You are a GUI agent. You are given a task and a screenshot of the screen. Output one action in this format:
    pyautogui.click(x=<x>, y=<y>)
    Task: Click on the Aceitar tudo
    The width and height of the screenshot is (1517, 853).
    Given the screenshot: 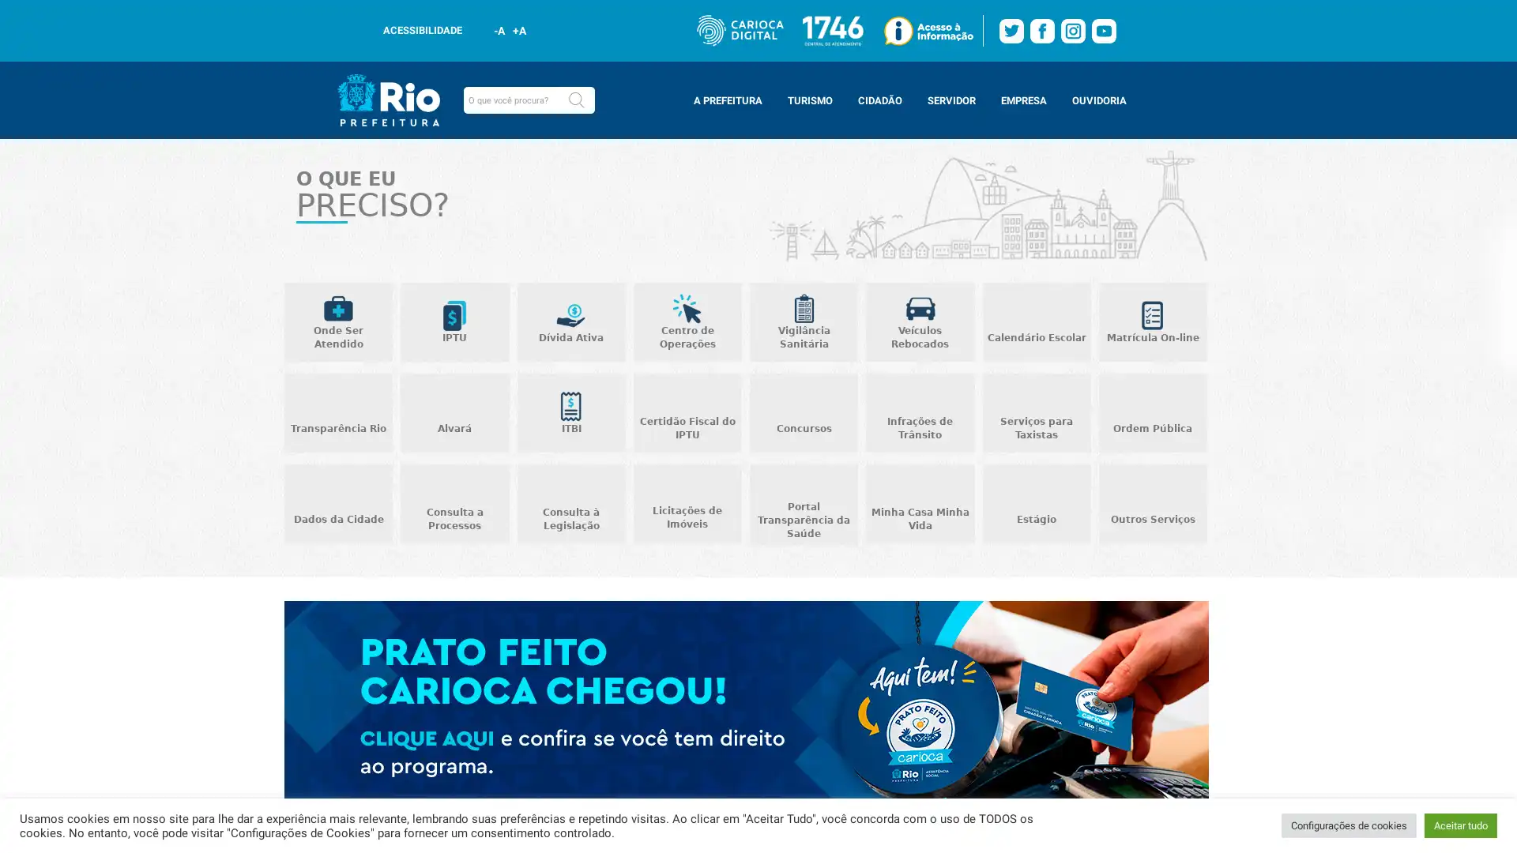 What is the action you would take?
    pyautogui.click(x=1459, y=825)
    